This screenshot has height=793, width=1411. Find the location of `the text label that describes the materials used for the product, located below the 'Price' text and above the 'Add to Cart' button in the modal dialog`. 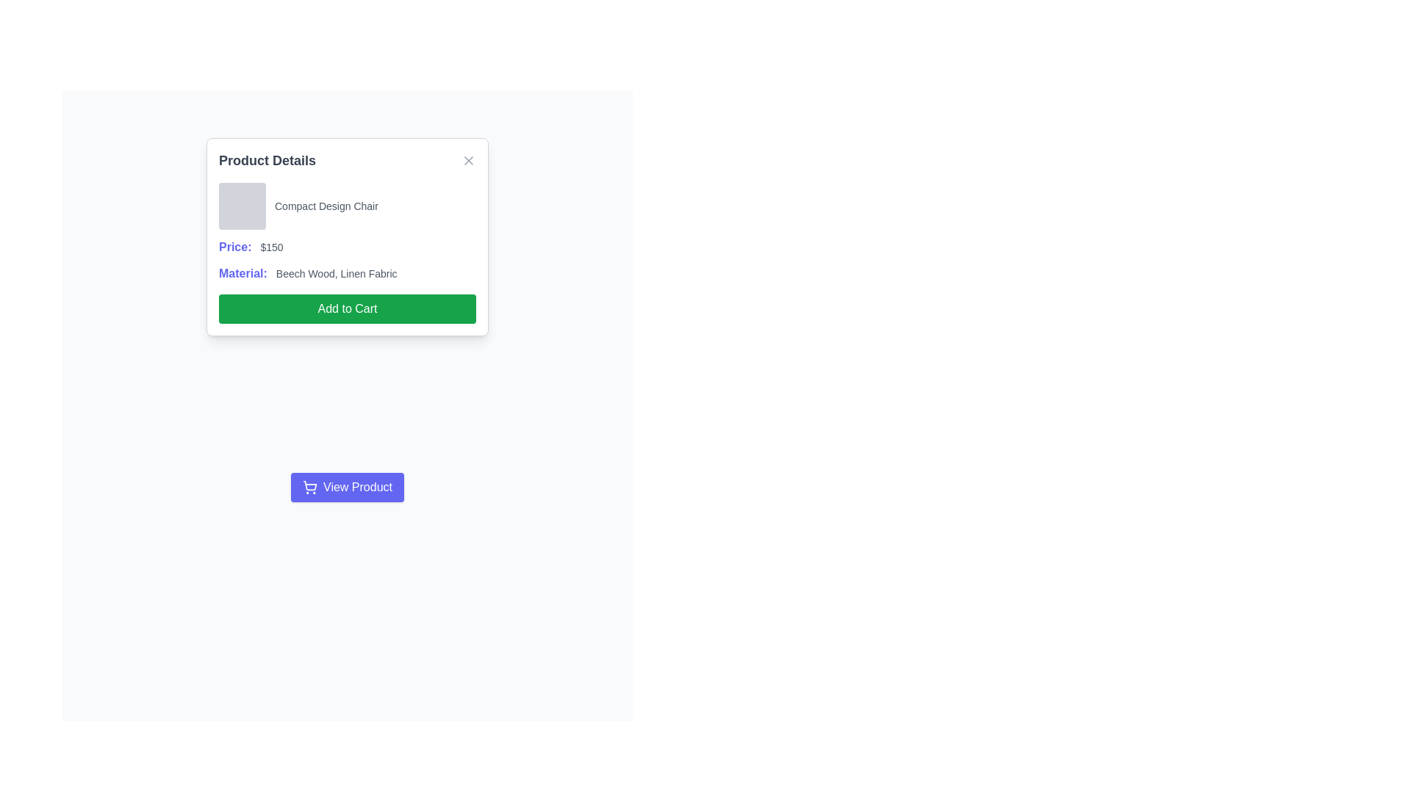

the text label that describes the materials used for the product, located below the 'Price' text and above the 'Add to Cart' button in the modal dialog is located at coordinates (347, 274).